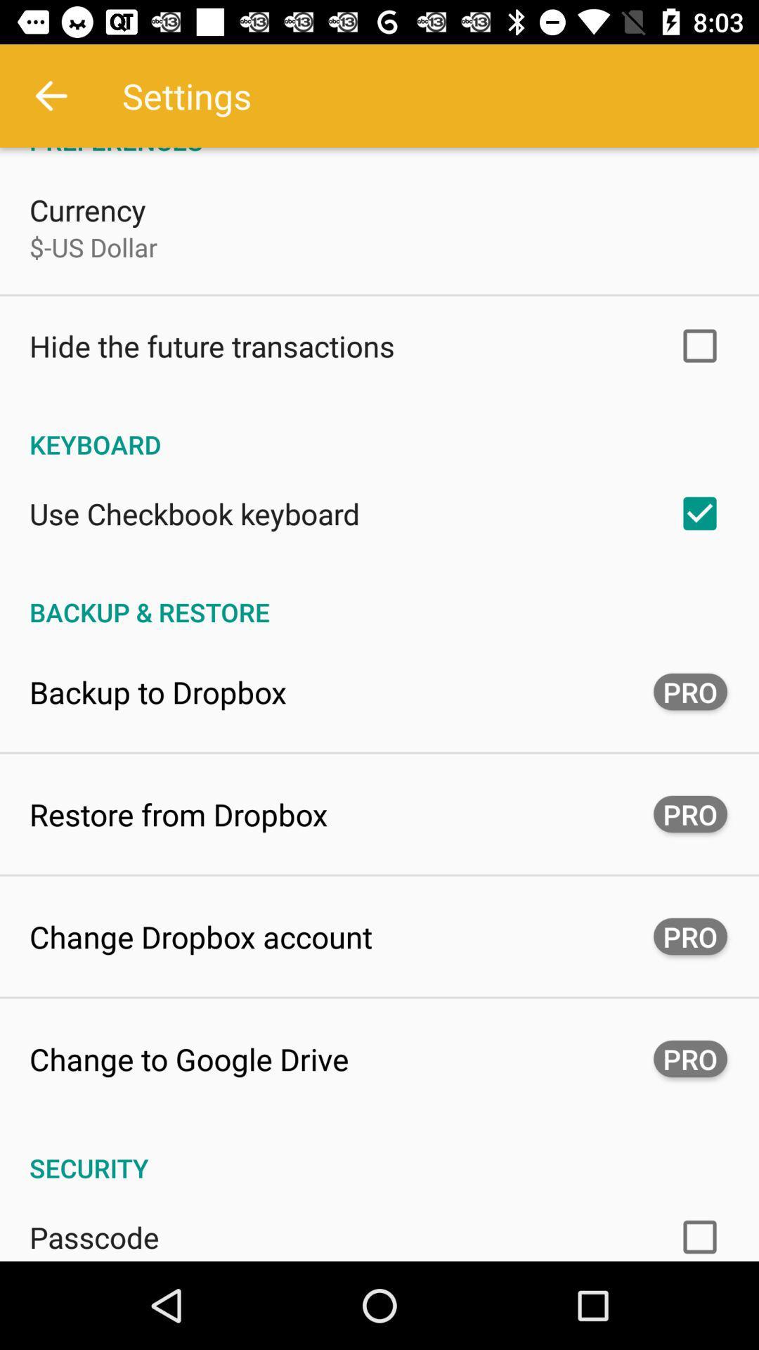 The image size is (759, 1350). I want to click on icon above restore from dropbox icon, so click(157, 691).